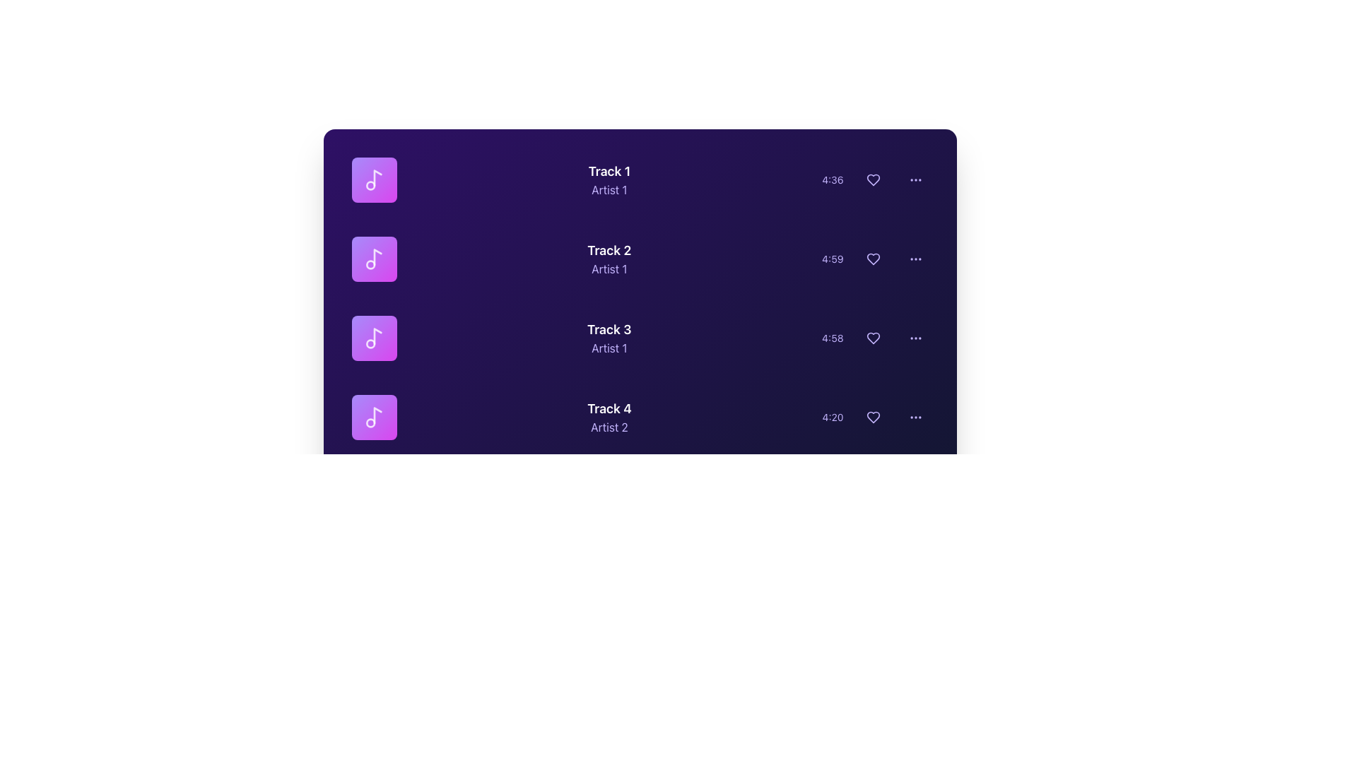  Describe the element at coordinates (639, 179) in the screenshot. I see `the first item in the music playlist` at that location.